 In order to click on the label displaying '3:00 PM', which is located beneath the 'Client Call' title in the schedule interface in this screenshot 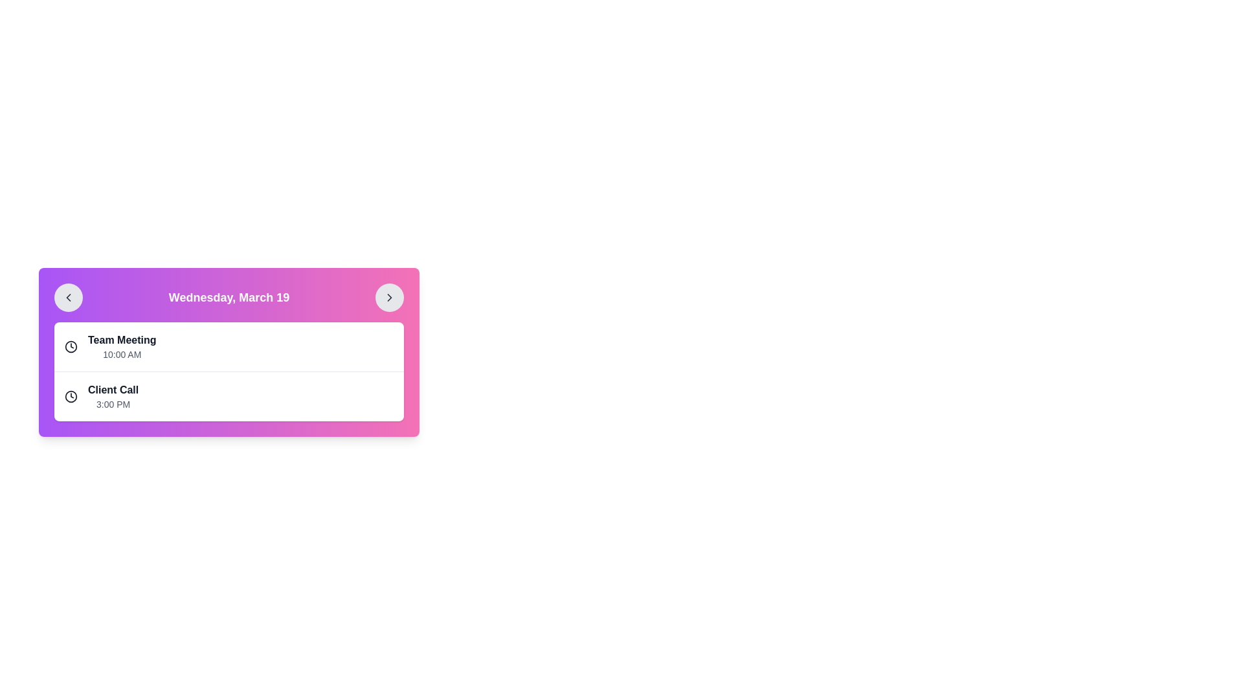, I will do `click(113, 403)`.